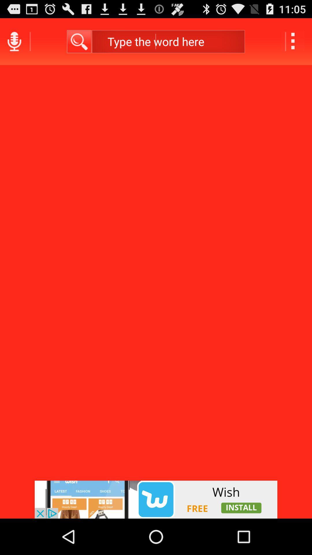  Describe the element at coordinates (156, 499) in the screenshot. I see `advertisement banner` at that location.